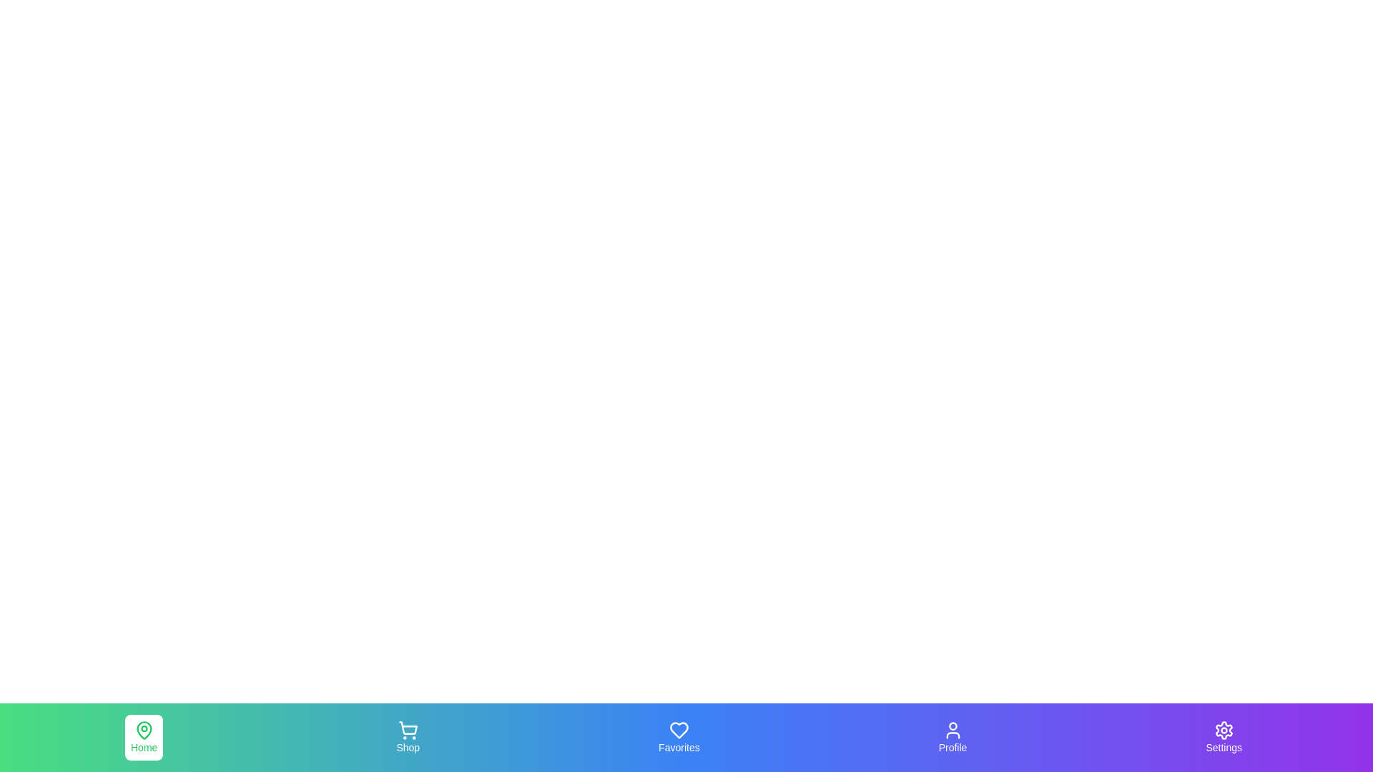 This screenshot has width=1373, height=772. I want to click on the navigation tab labeled Home, so click(144, 738).